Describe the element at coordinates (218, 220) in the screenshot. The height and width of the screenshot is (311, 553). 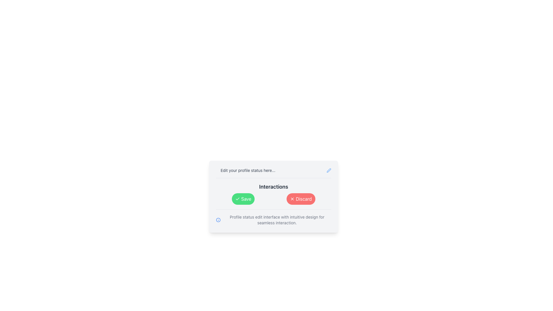
I see `the small circular blue icon with an info symbol, located to the left of the 'Profile status edit interface with intuitive design for seamless interaction.'` at that location.